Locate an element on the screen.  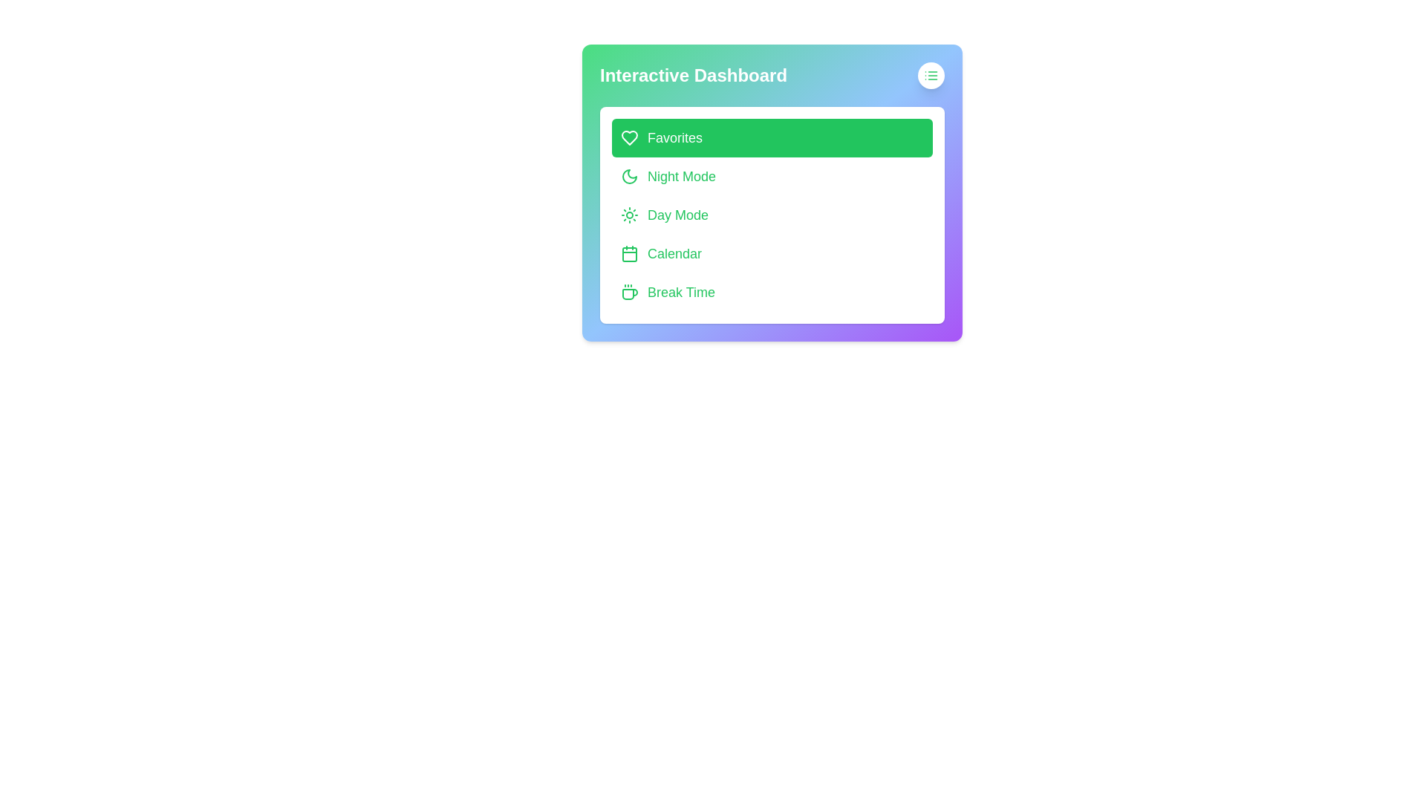
the menu item Favorites to observe its hover effect is located at coordinates (772, 137).